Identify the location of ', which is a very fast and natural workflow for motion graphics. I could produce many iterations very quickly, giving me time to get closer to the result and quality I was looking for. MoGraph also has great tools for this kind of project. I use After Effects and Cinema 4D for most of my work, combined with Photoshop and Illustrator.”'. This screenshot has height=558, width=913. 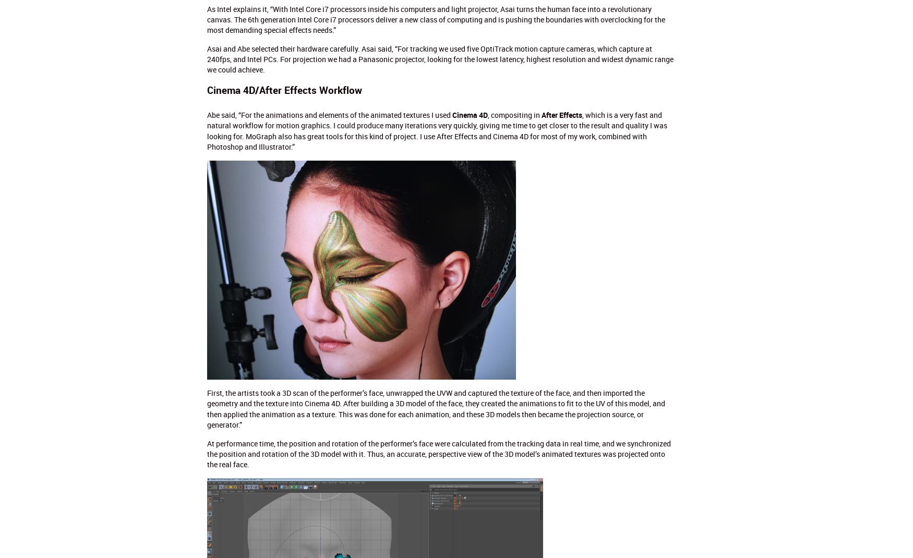
(437, 130).